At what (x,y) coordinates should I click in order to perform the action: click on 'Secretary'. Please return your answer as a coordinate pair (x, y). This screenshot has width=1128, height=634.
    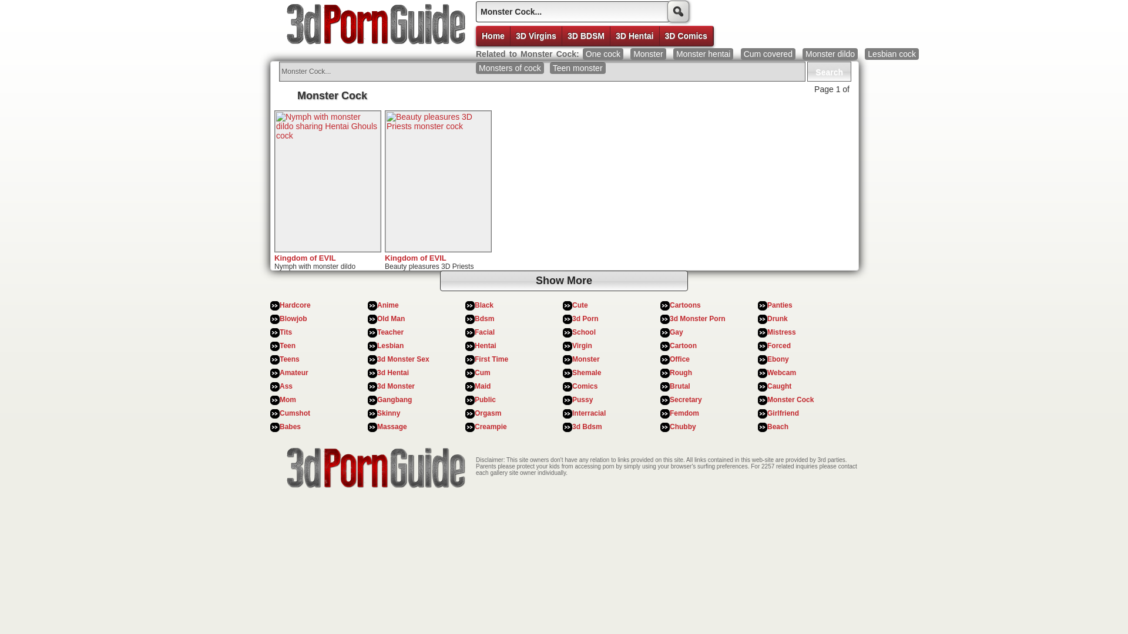
    Looking at the image, I should click on (670, 399).